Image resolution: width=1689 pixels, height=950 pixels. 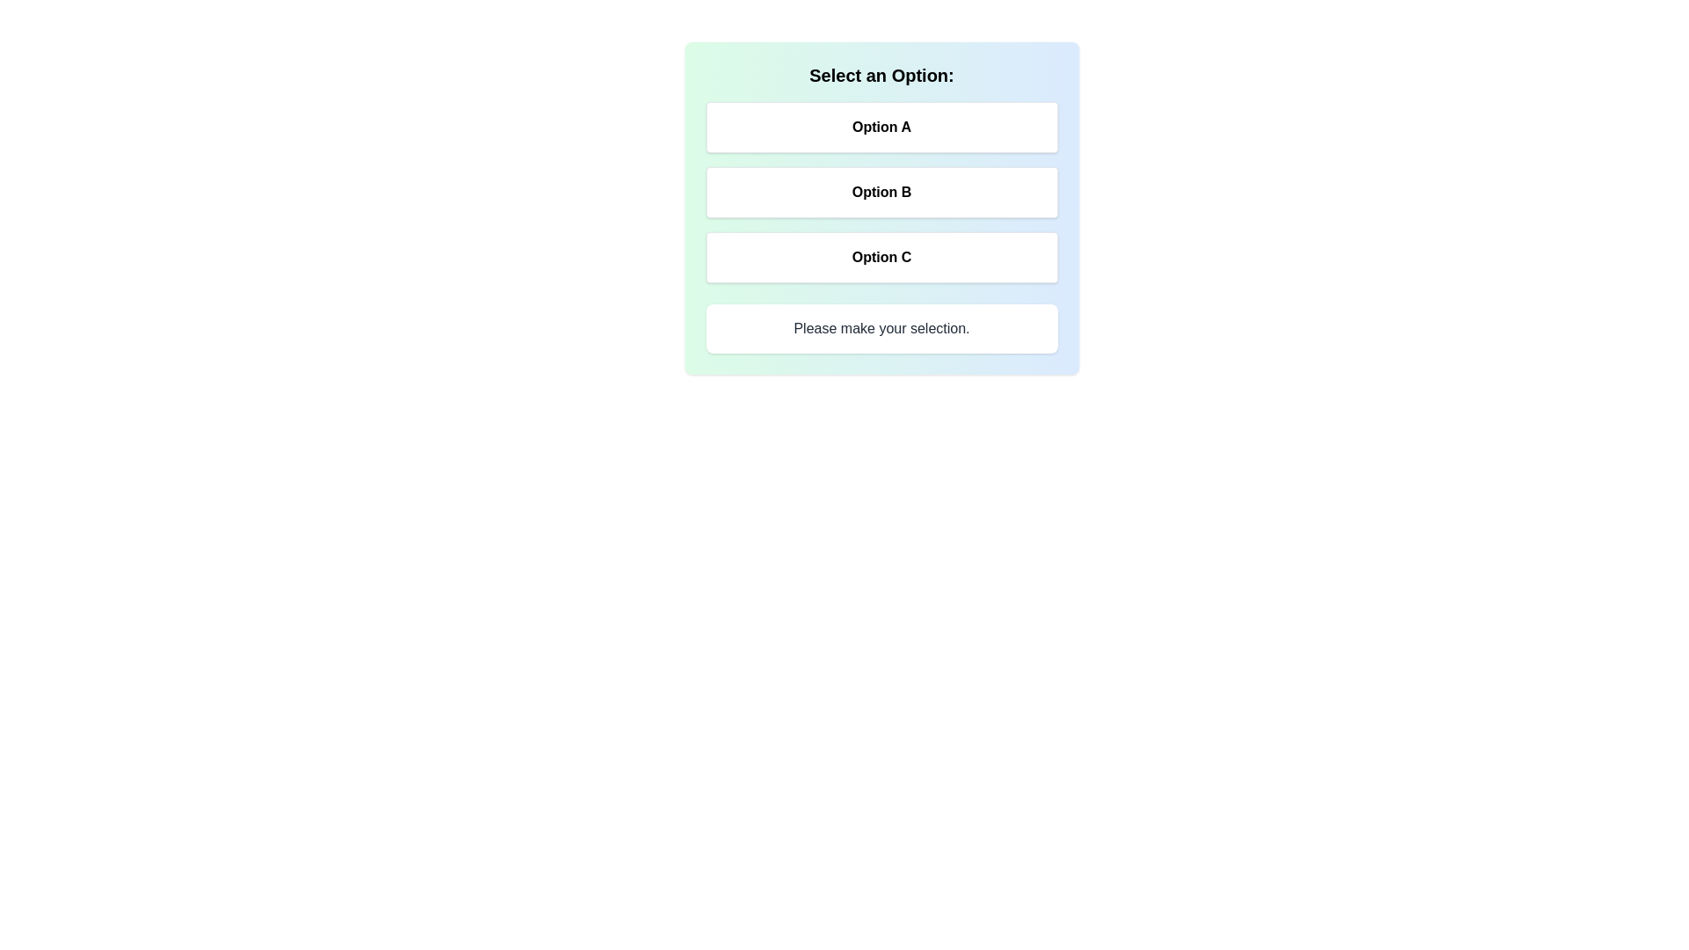 What do you see at coordinates (881, 127) in the screenshot?
I see `the 'Option A' text label, which is styled in bold and located within a button-like structure in the interactive list under the header 'Select an Option:'` at bounding box center [881, 127].